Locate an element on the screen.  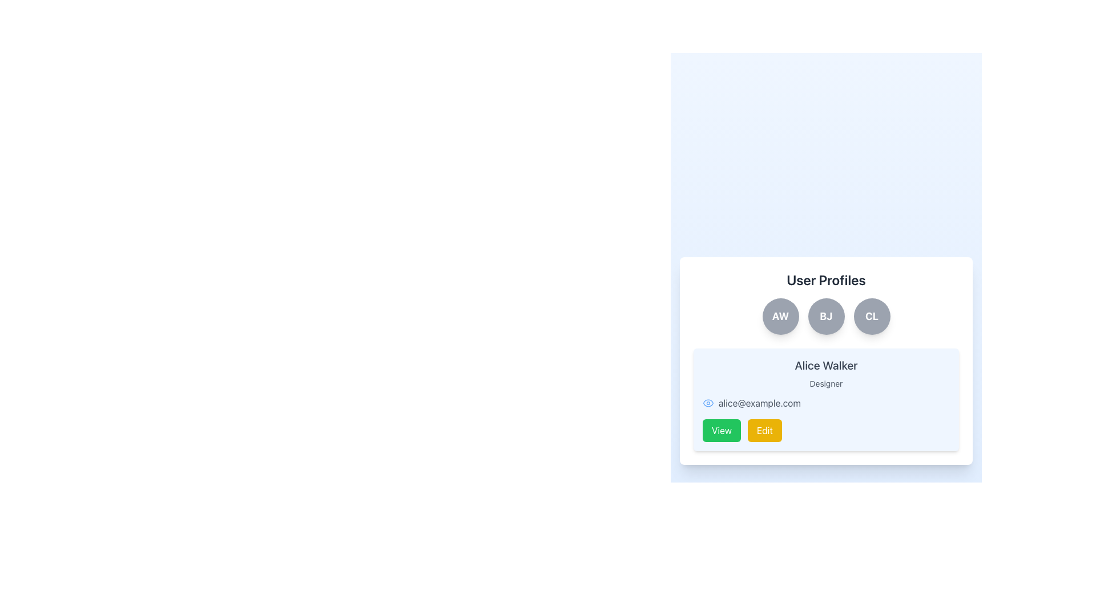
the third circular button representing user profiles, located beneath the 'User Profiles' header is located at coordinates (871, 317).